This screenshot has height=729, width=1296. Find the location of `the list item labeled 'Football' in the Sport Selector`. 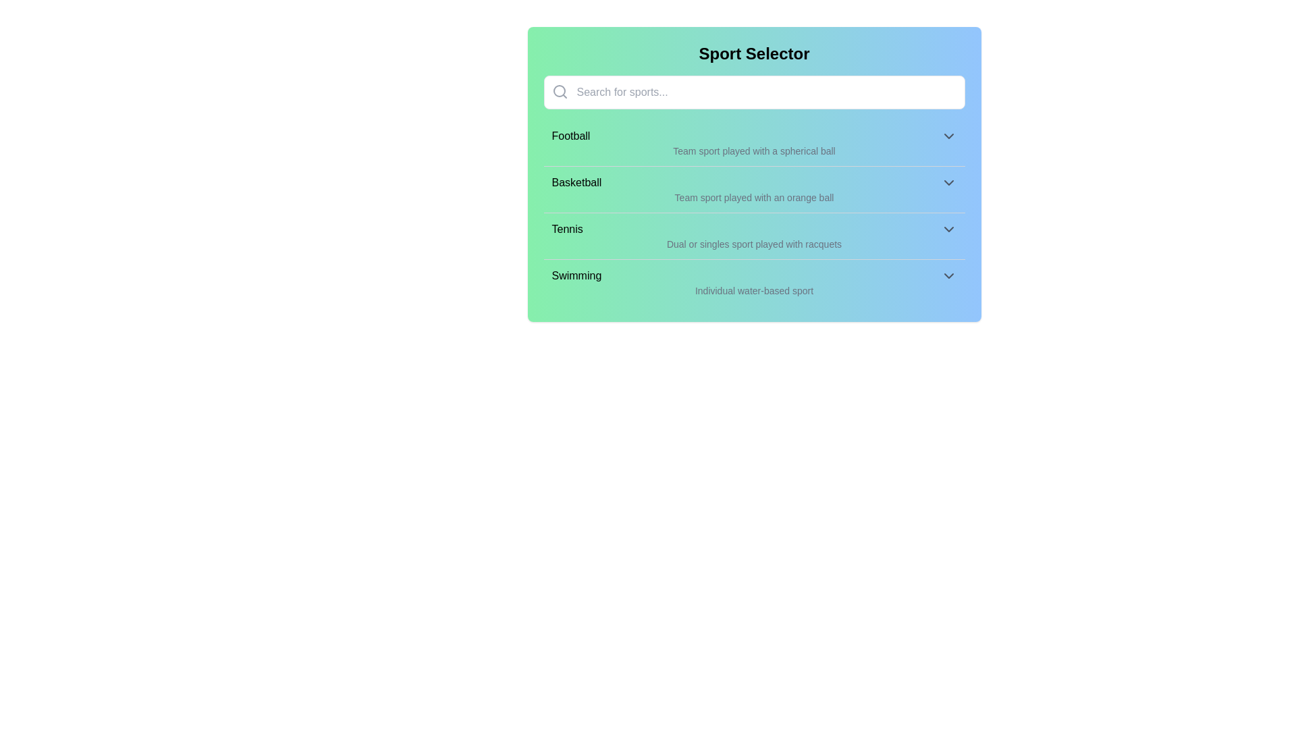

the list item labeled 'Football' in the Sport Selector is located at coordinates (753, 143).